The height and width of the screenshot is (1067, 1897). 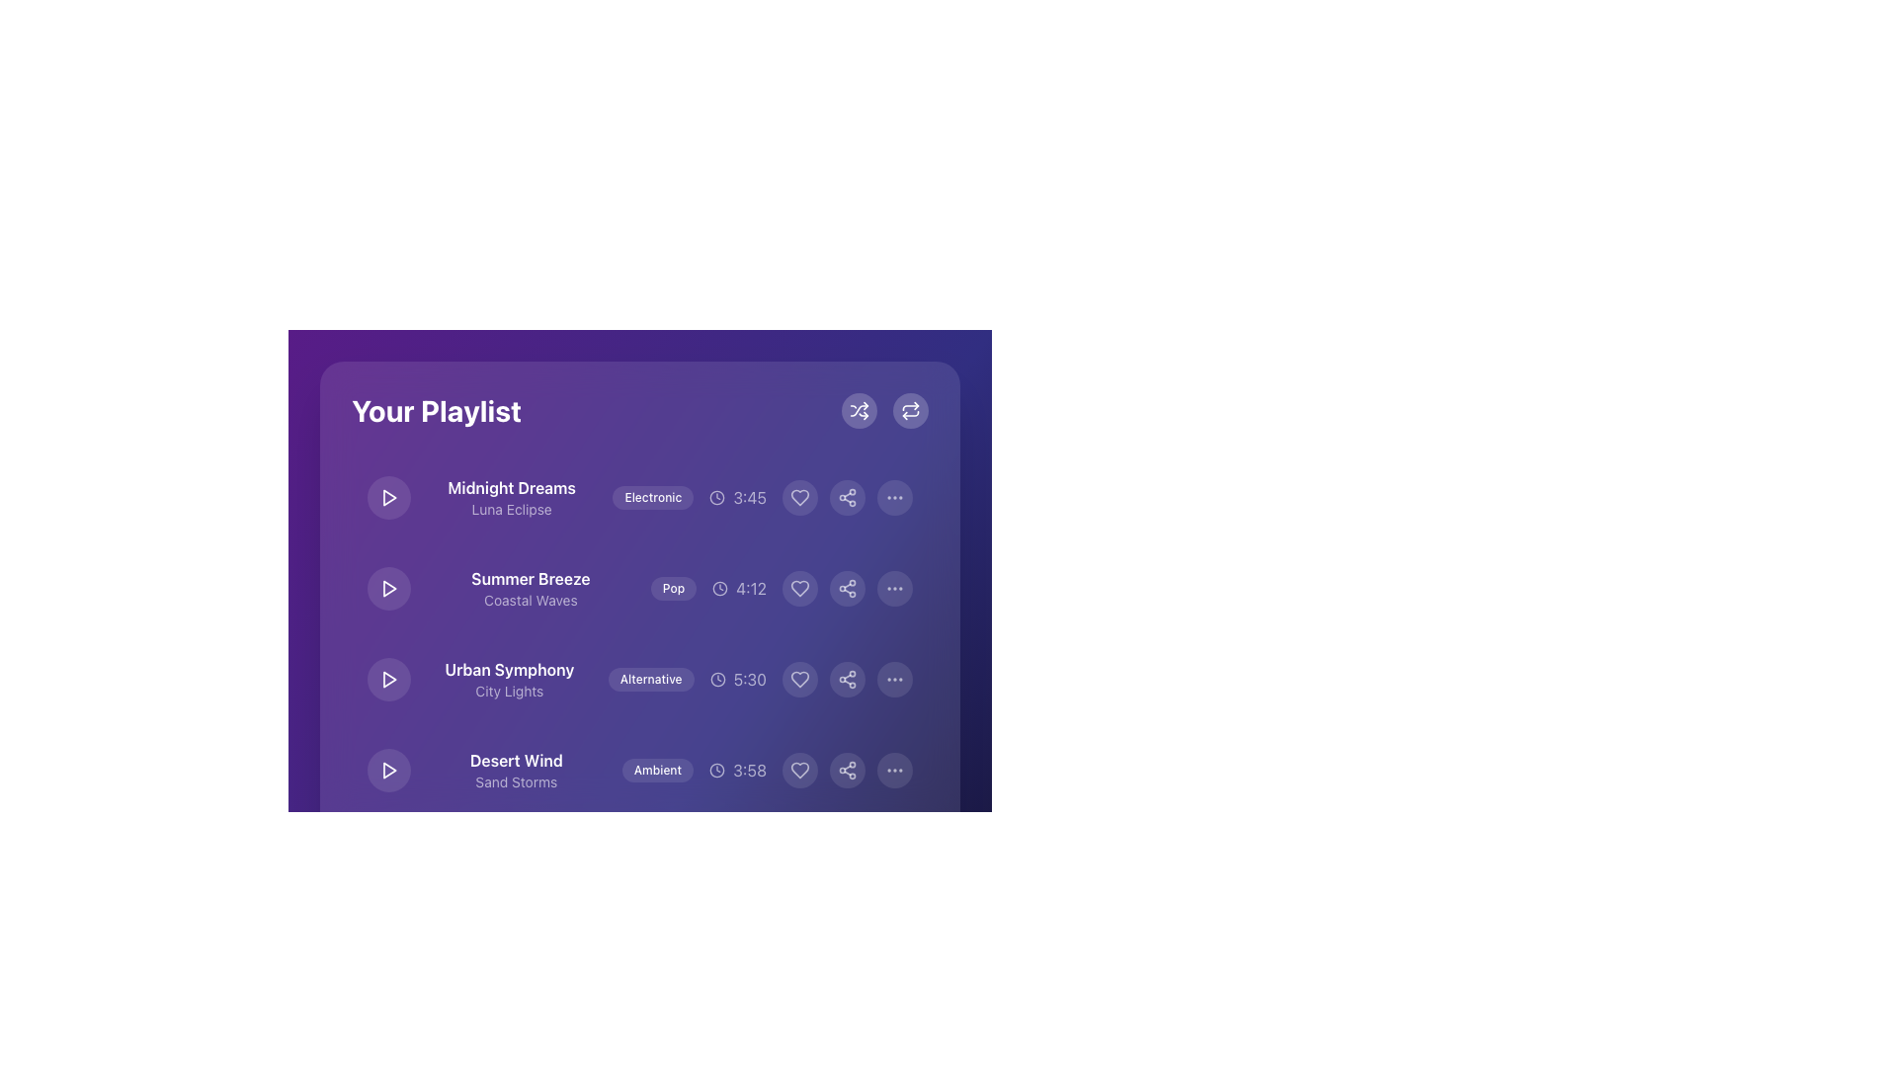 What do you see at coordinates (738, 588) in the screenshot?
I see `the text label displaying '4:12' which is positioned next to a clock icon in the second row of the playlist list` at bounding box center [738, 588].